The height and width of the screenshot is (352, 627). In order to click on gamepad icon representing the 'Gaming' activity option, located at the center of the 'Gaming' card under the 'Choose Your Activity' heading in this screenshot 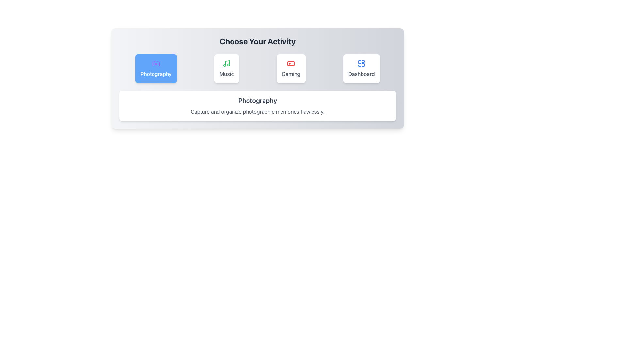, I will do `click(291, 64)`.